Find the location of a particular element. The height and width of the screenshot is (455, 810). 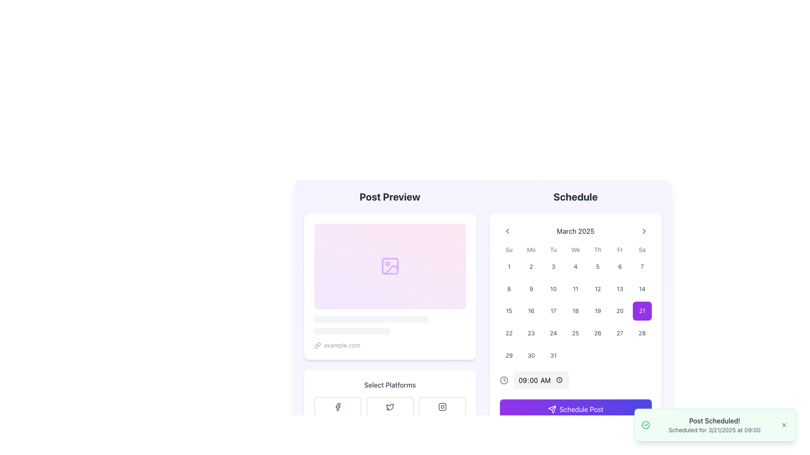

the decorative bar with rounded edges located horizontally beneath the placeholder image in the Post Preview section is located at coordinates (371, 319).